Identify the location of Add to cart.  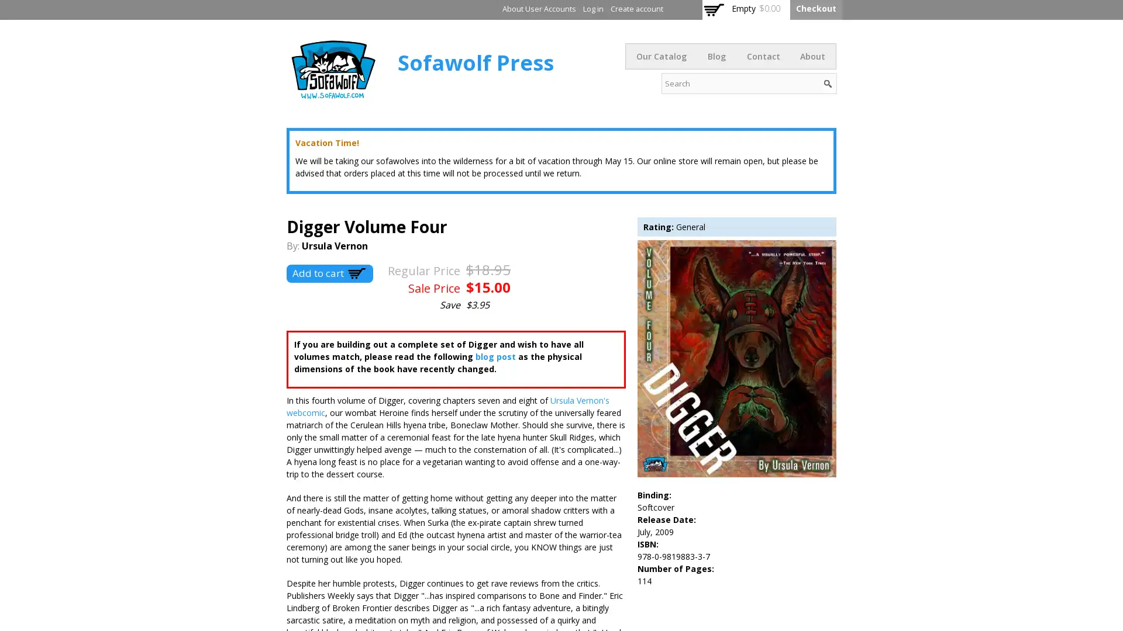
(329, 273).